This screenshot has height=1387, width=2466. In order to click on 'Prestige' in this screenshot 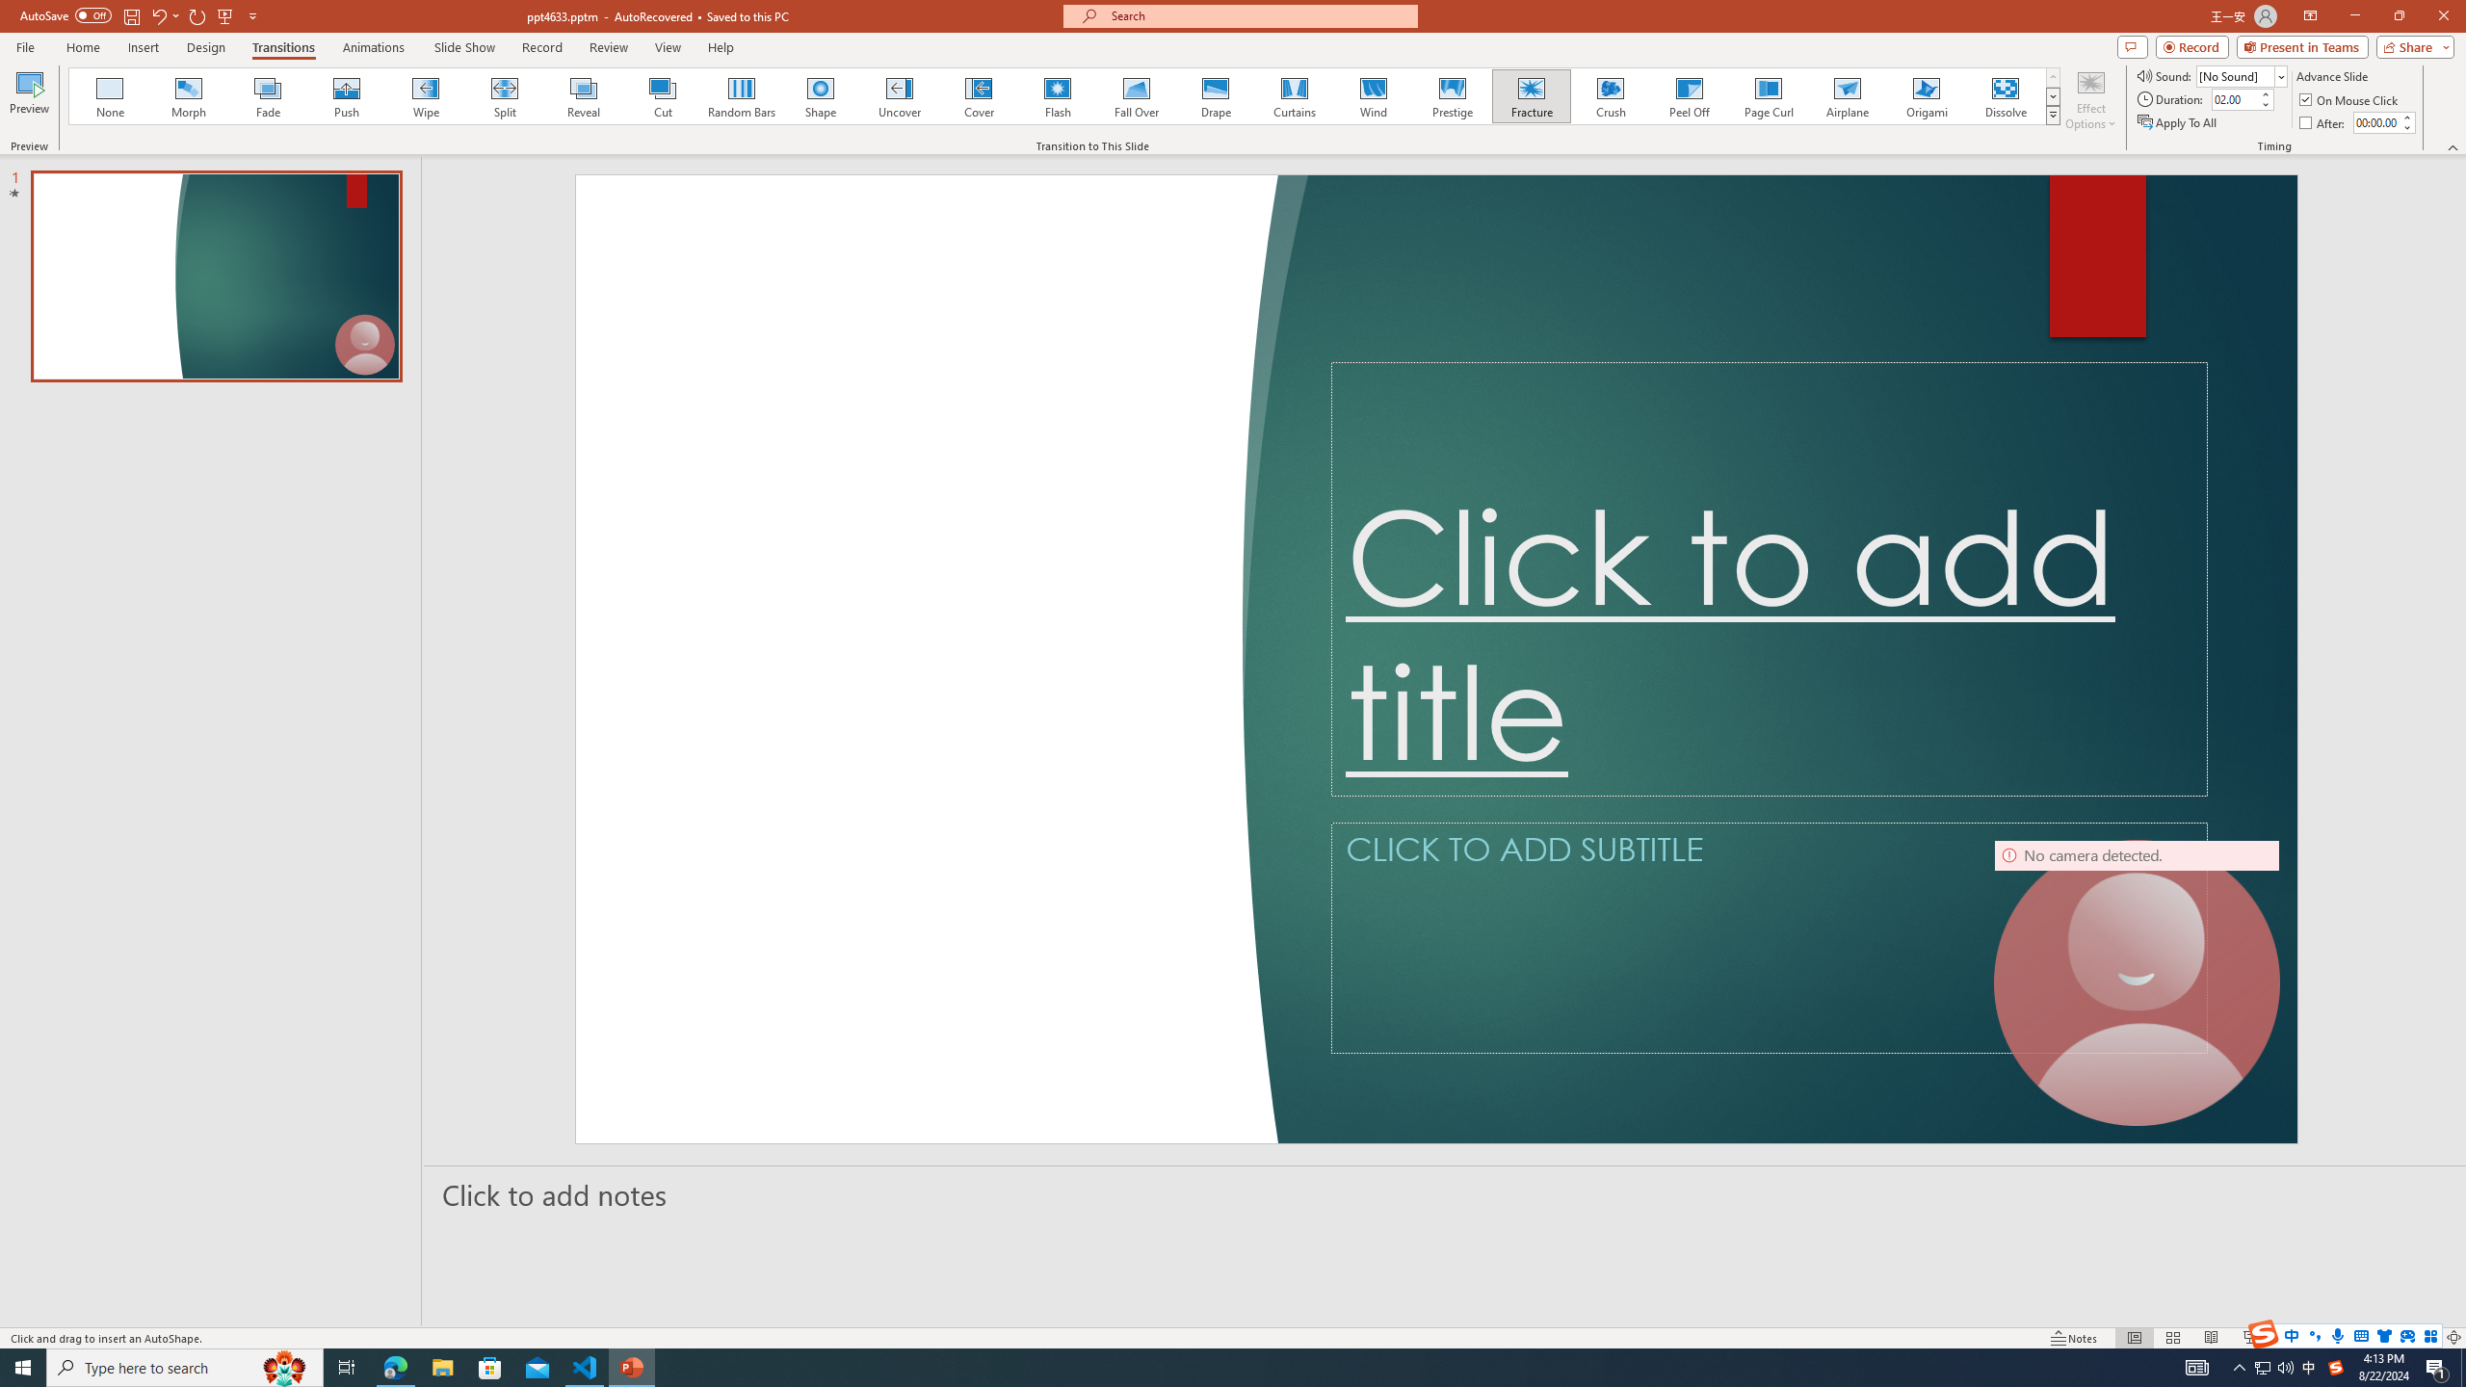, I will do `click(1452, 95)`.